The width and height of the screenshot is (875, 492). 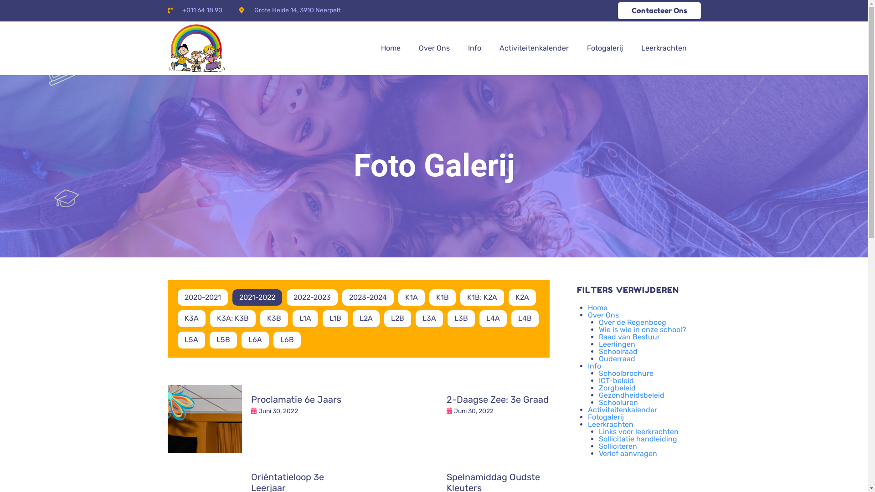 I want to click on 'Fotogalerij', so click(x=605, y=48).